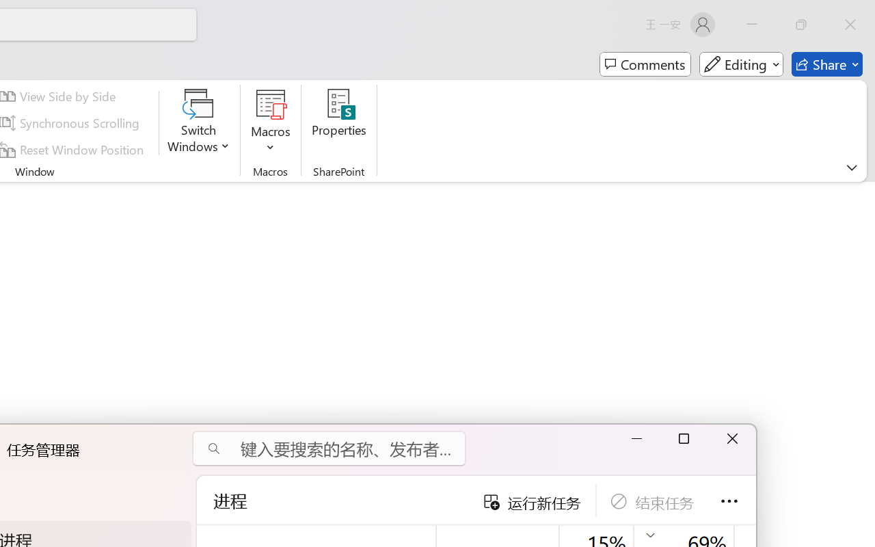 This screenshot has height=547, width=875. I want to click on 'View Macros', so click(271, 103).